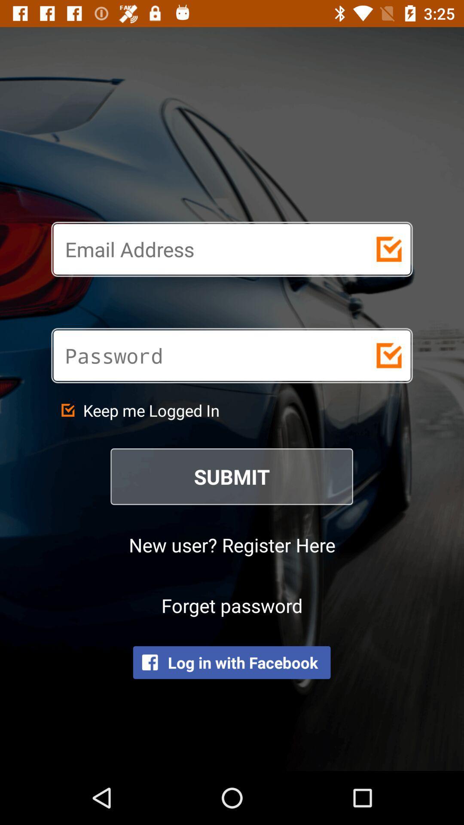 Image resolution: width=464 pixels, height=825 pixels. I want to click on new user register, so click(232, 544).